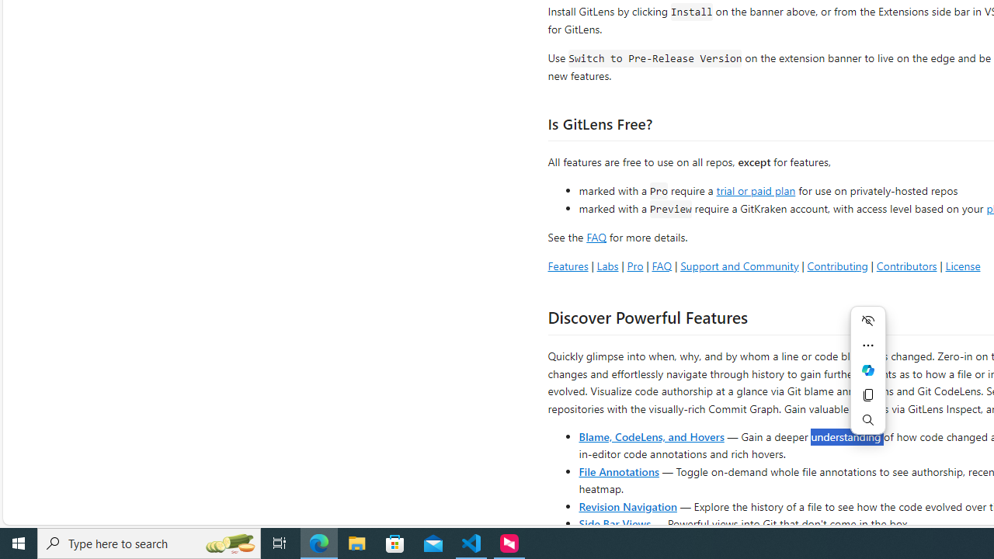 The image size is (994, 559). What do you see at coordinates (634, 265) in the screenshot?
I see `'Pro'` at bounding box center [634, 265].